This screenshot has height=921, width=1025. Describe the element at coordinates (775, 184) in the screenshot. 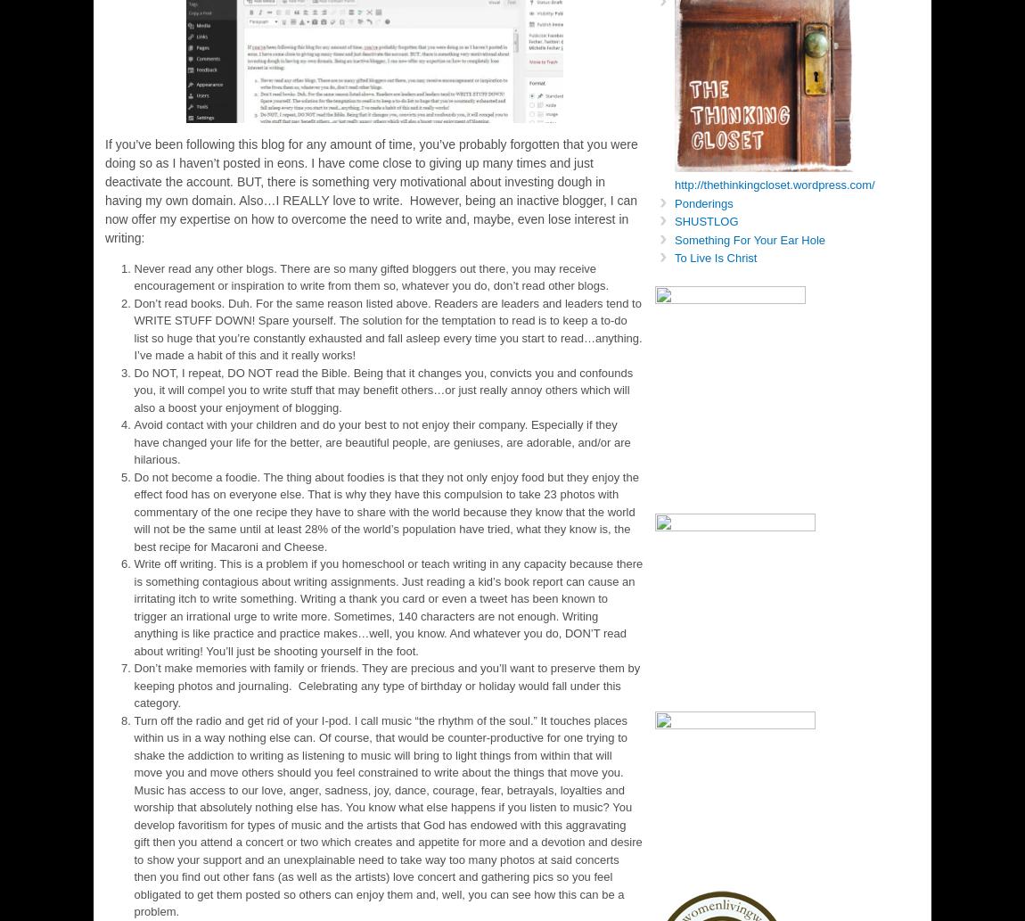

I see `'http://thethinkingcloset.wordpress.com/'` at that location.